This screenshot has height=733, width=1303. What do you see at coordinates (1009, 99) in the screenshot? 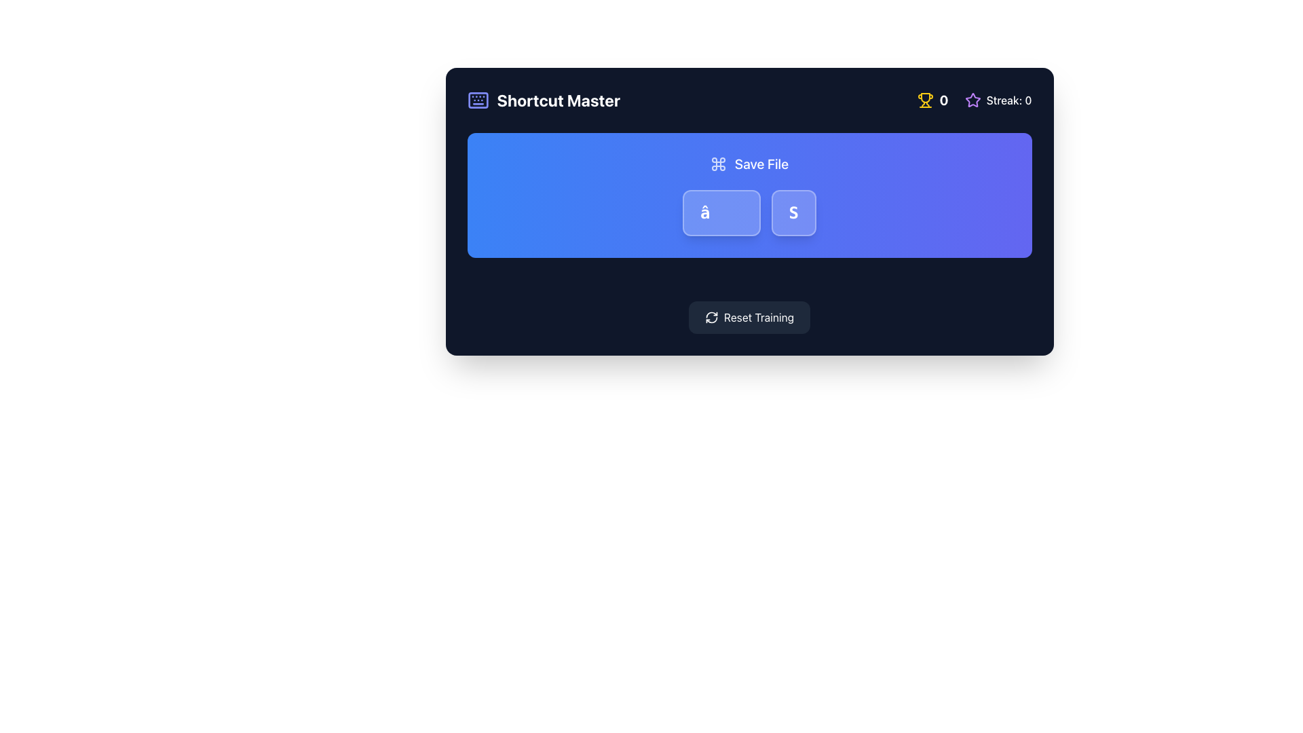
I see `the text label indicating the score or counter value, labeled 'Streak: 0', which is positioned to the right of a purple star-shaped icon` at bounding box center [1009, 99].